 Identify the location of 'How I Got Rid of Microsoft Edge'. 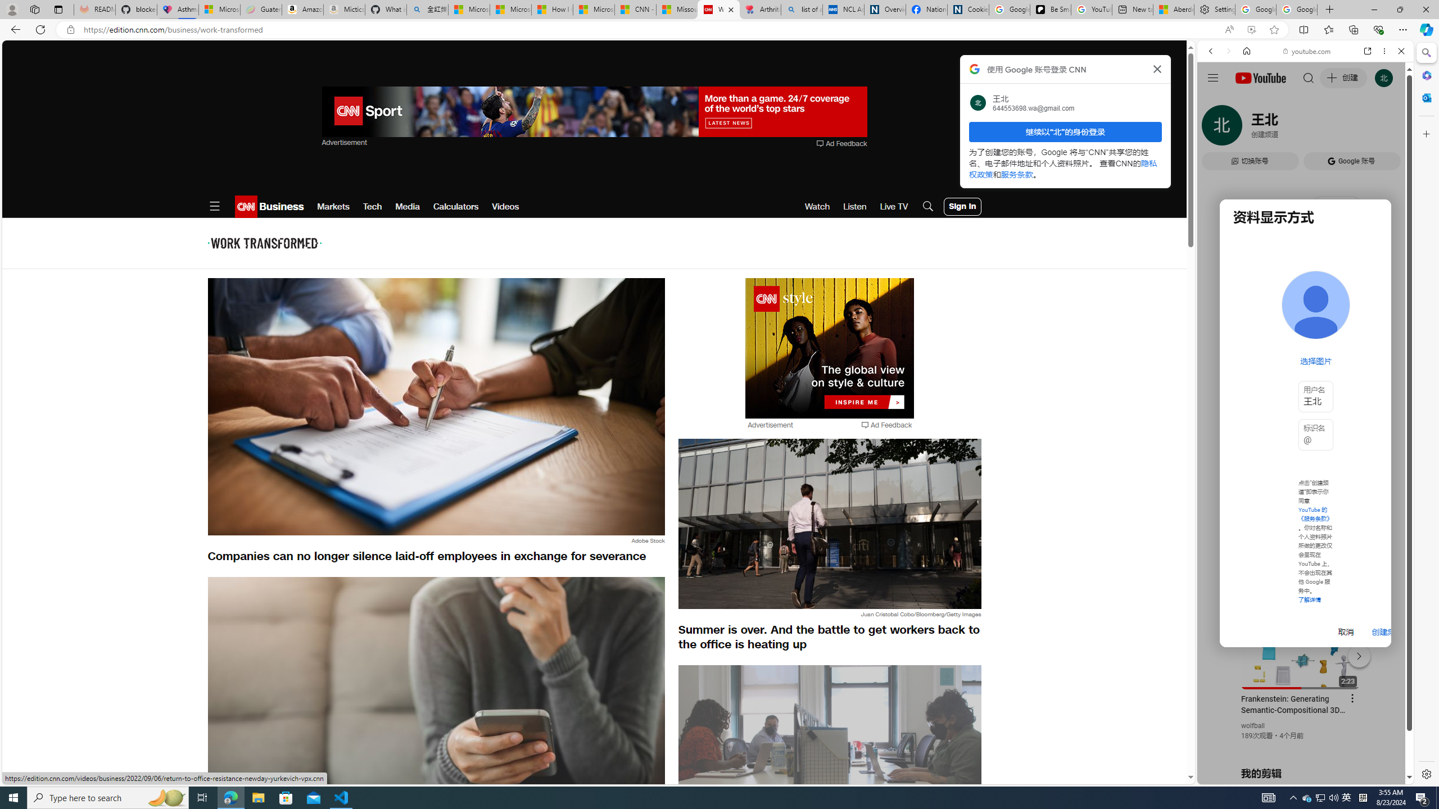
(552, 9).